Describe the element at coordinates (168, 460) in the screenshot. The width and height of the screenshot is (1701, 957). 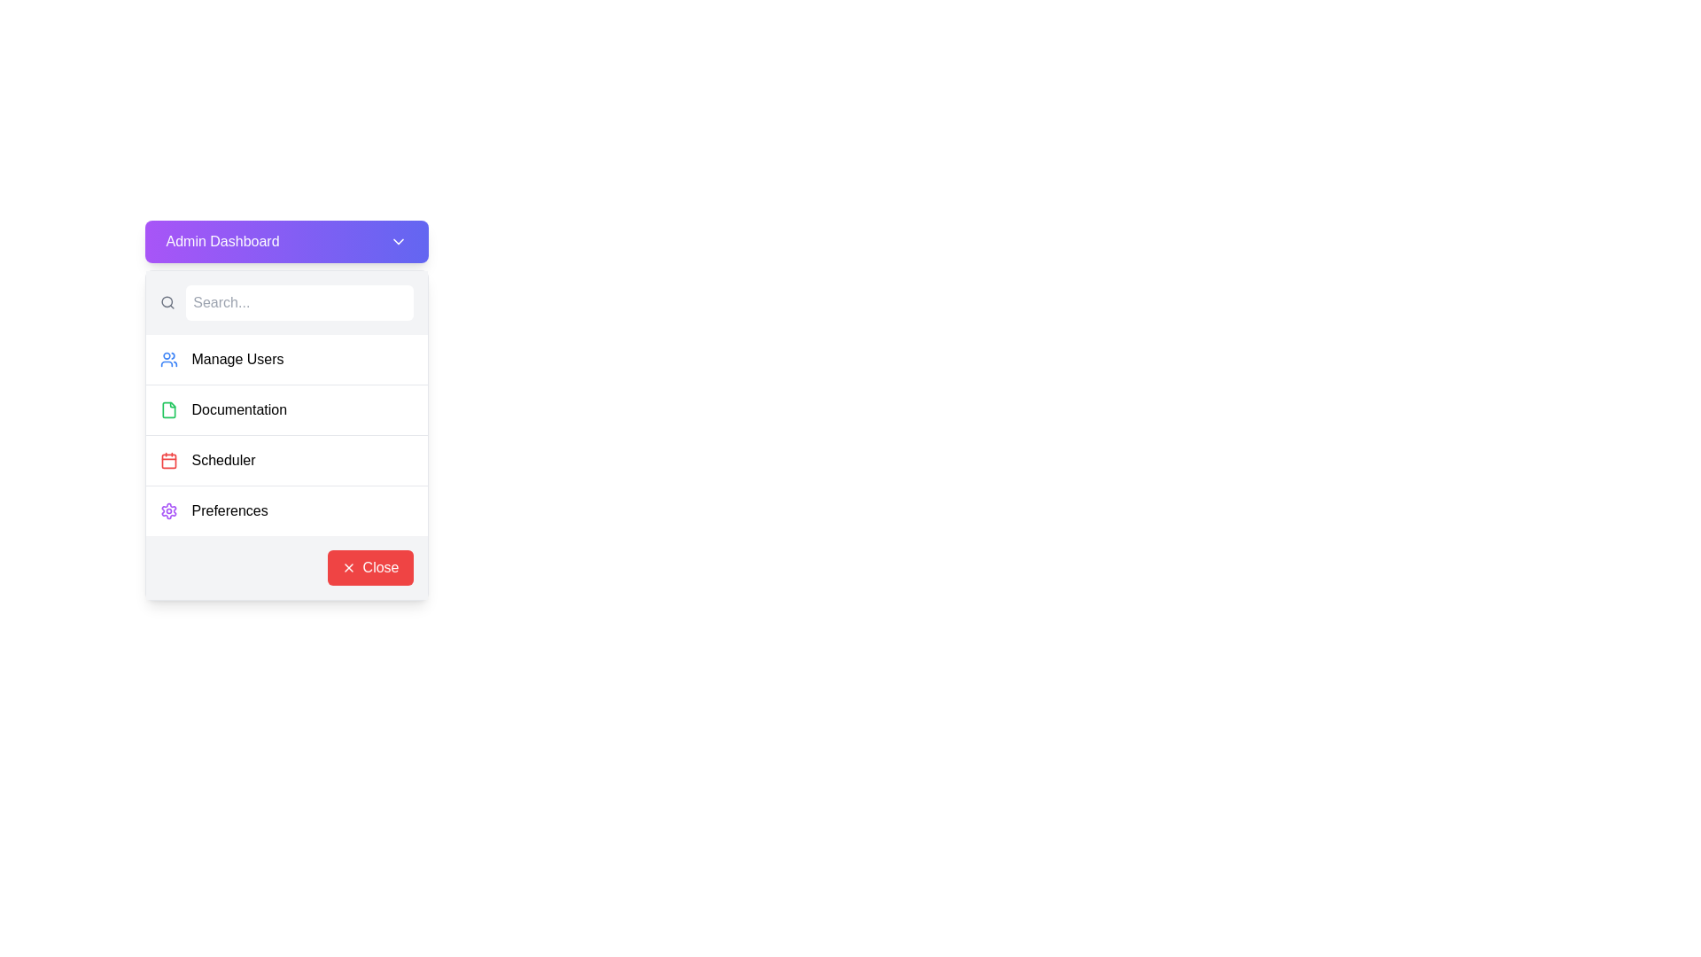
I see `the calendar icon in the vertical menu list` at that location.